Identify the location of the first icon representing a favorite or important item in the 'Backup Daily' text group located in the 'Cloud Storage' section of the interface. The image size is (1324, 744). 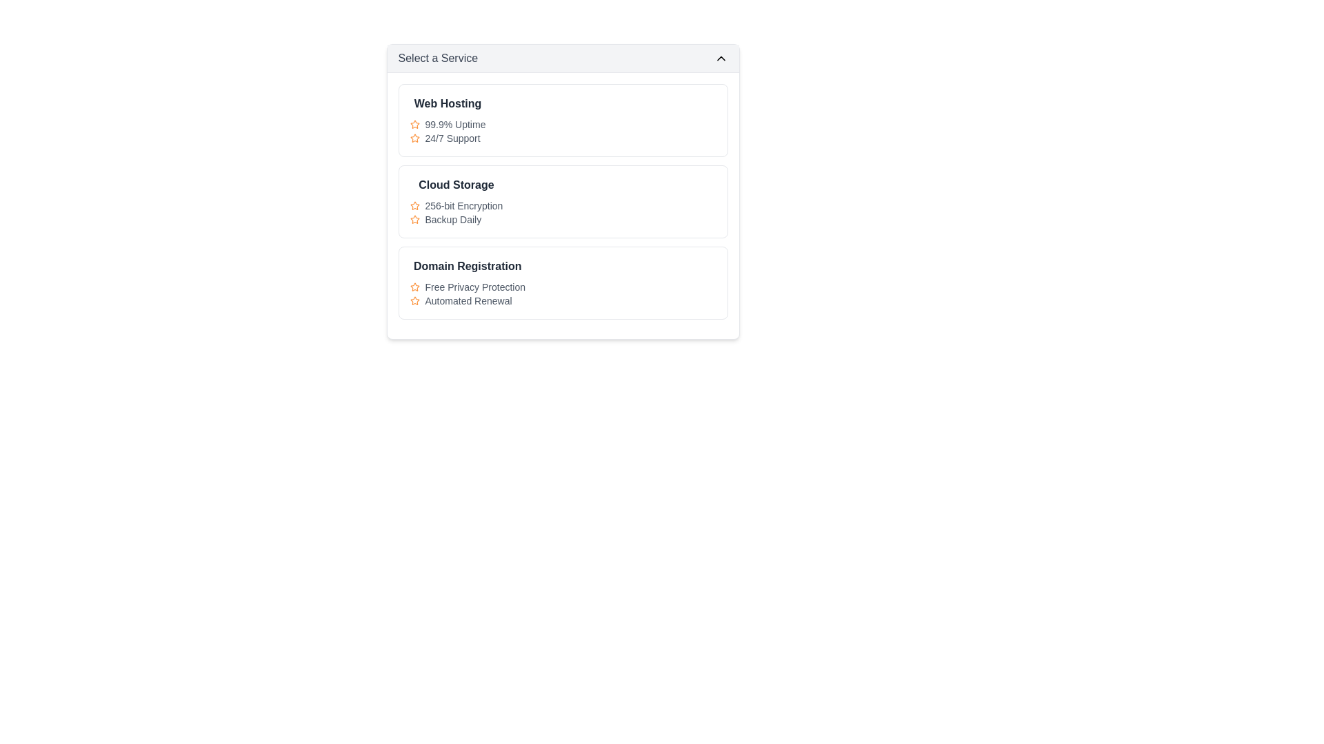
(414, 219).